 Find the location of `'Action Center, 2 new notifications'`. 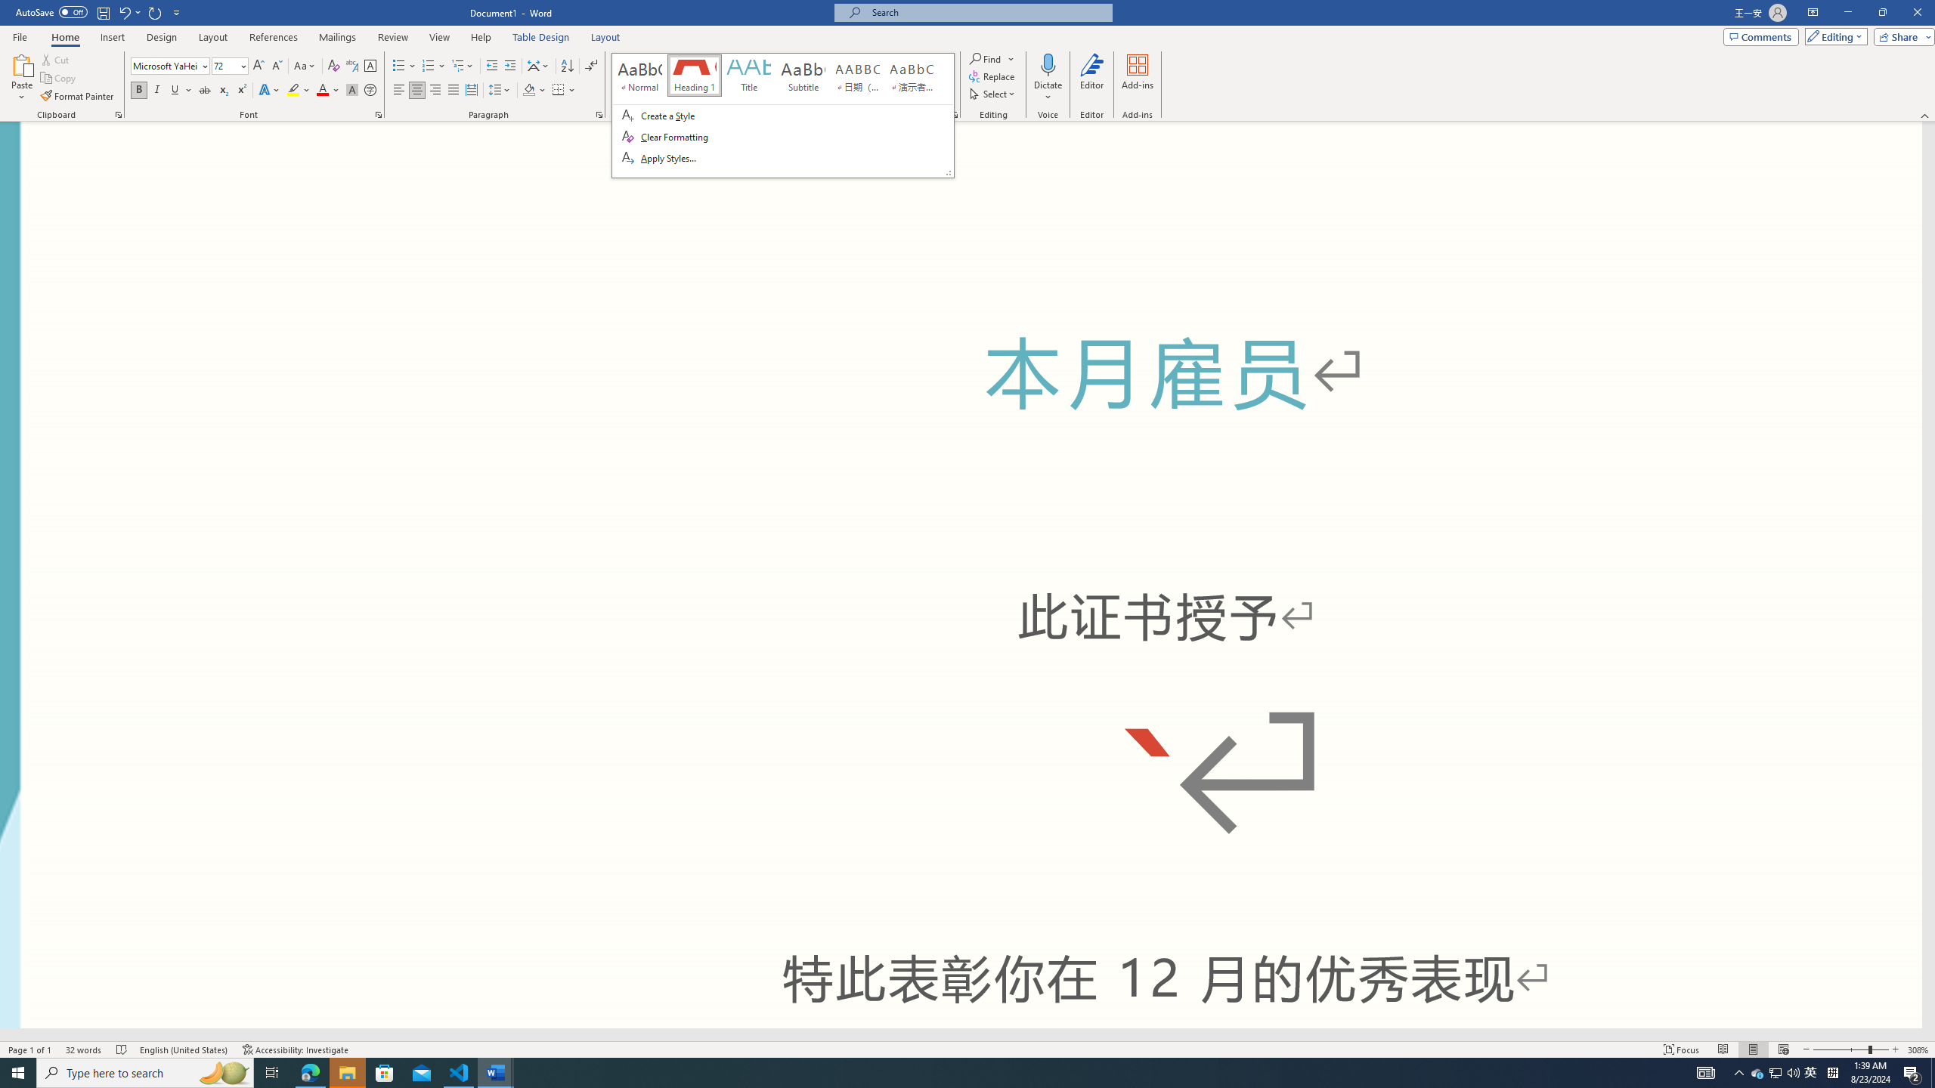

'Action Center, 2 new notifications' is located at coordinates (1912, 1071).